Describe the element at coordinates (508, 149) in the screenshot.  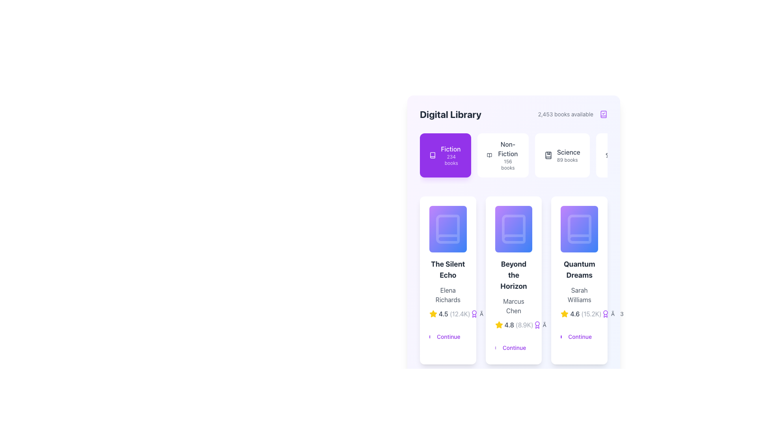
I see `category name 'Non-Fiction' from the static text label displayed in bold above the text '156 books' in the Digital Library section` at that location.